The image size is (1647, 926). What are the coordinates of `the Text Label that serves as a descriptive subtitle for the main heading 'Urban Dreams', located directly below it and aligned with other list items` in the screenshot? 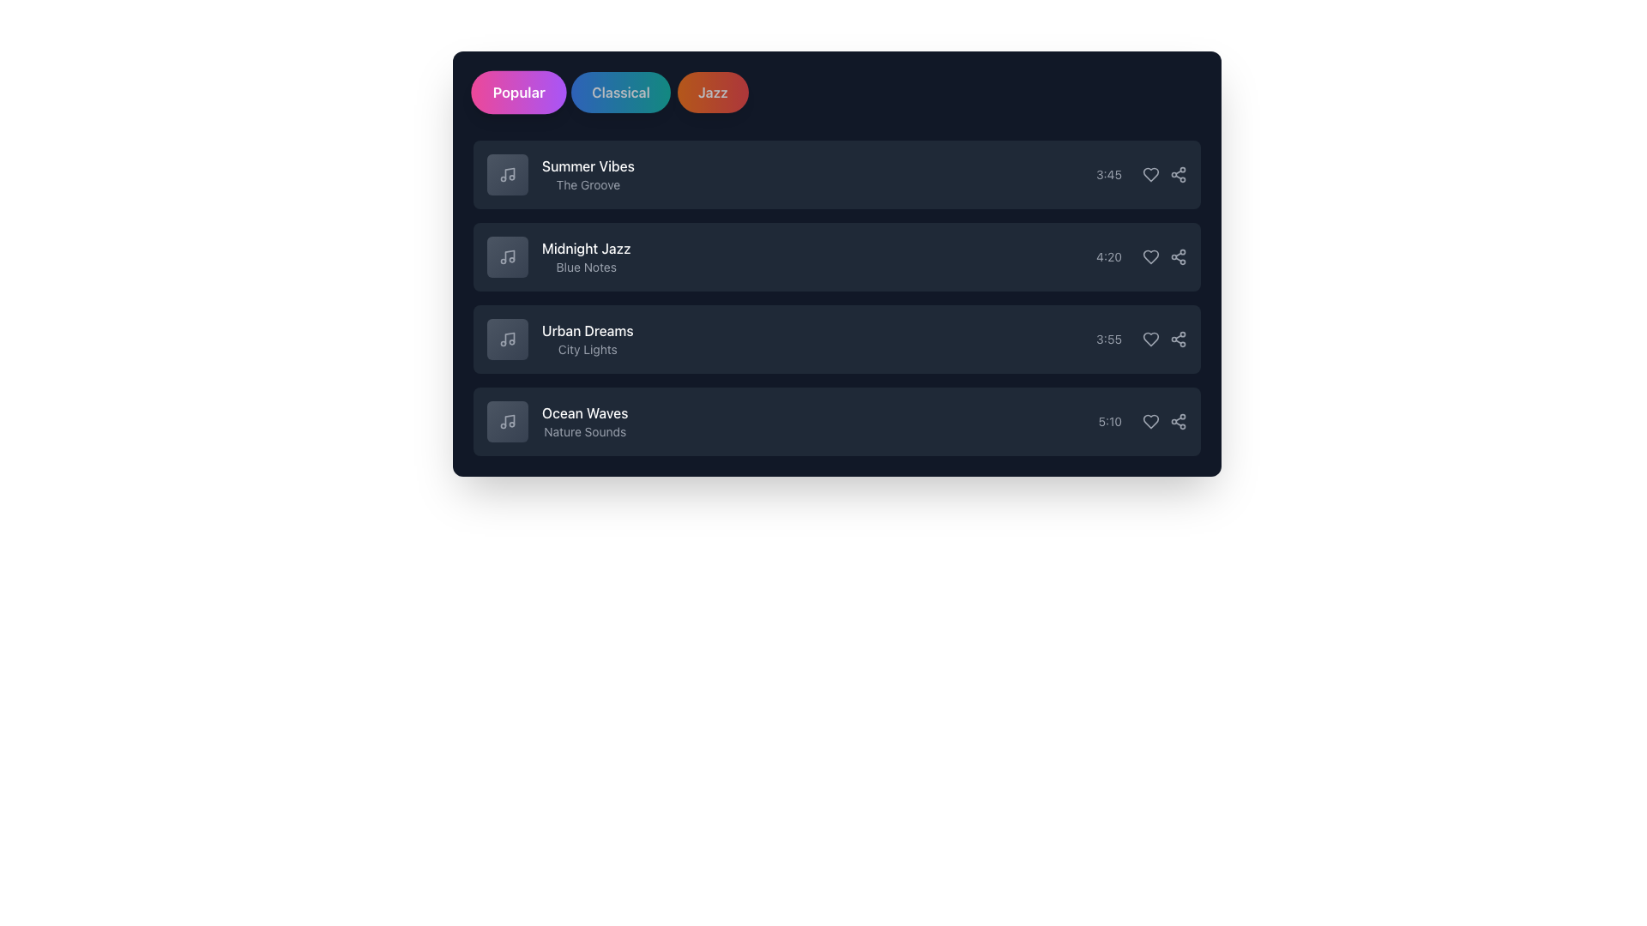 It's located at (588, 349).